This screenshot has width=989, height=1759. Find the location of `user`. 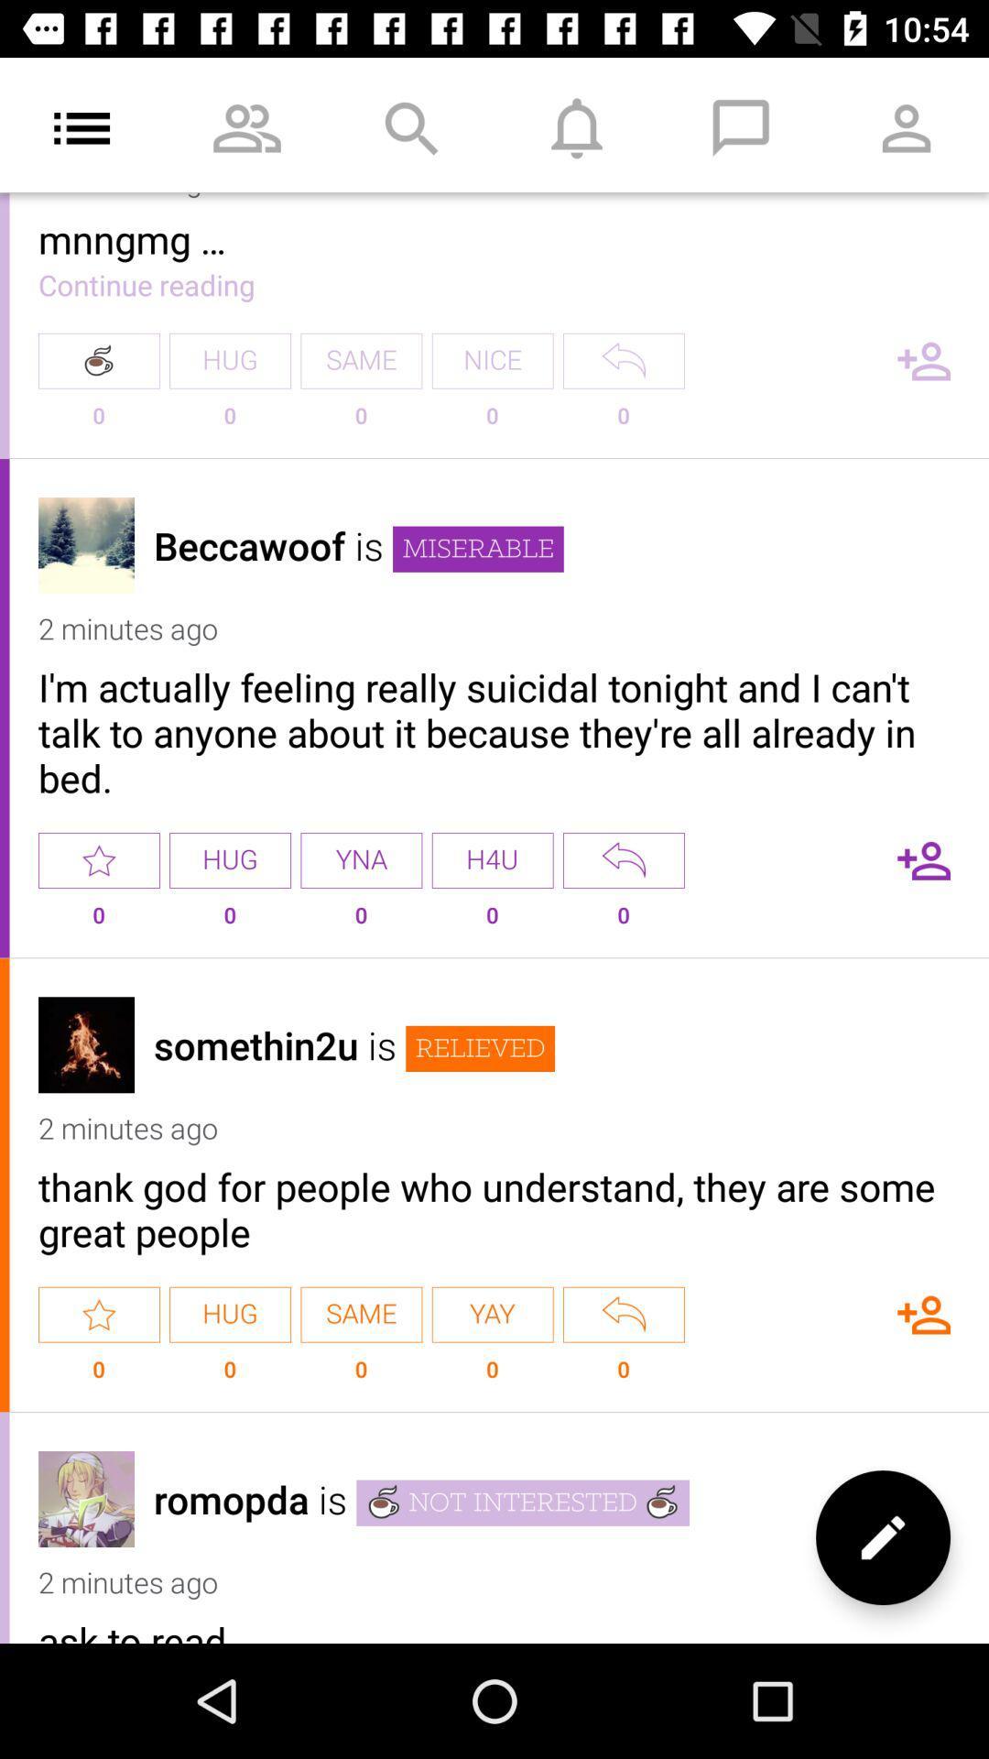

user is located at coordinates (924, 859).